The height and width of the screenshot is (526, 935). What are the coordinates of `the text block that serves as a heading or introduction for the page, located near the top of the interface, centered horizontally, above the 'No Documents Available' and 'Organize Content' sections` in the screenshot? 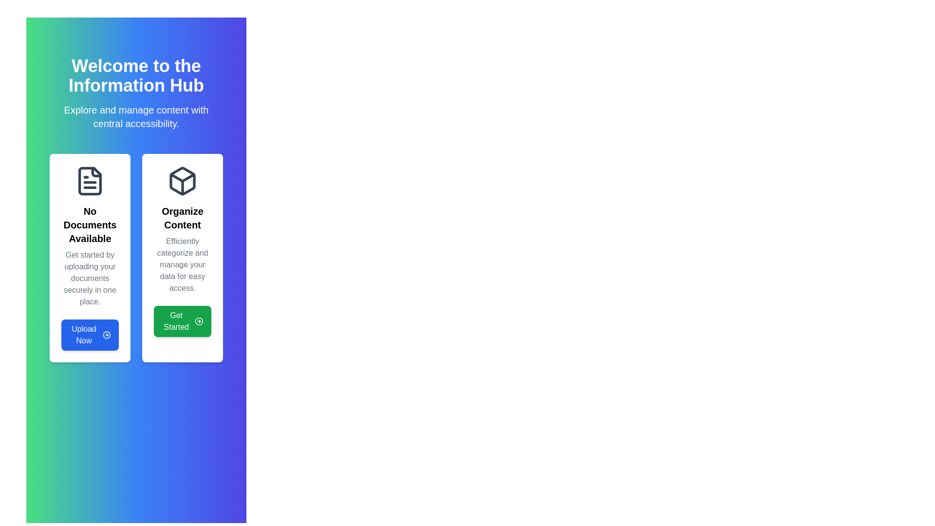 It's located at (135, 94).